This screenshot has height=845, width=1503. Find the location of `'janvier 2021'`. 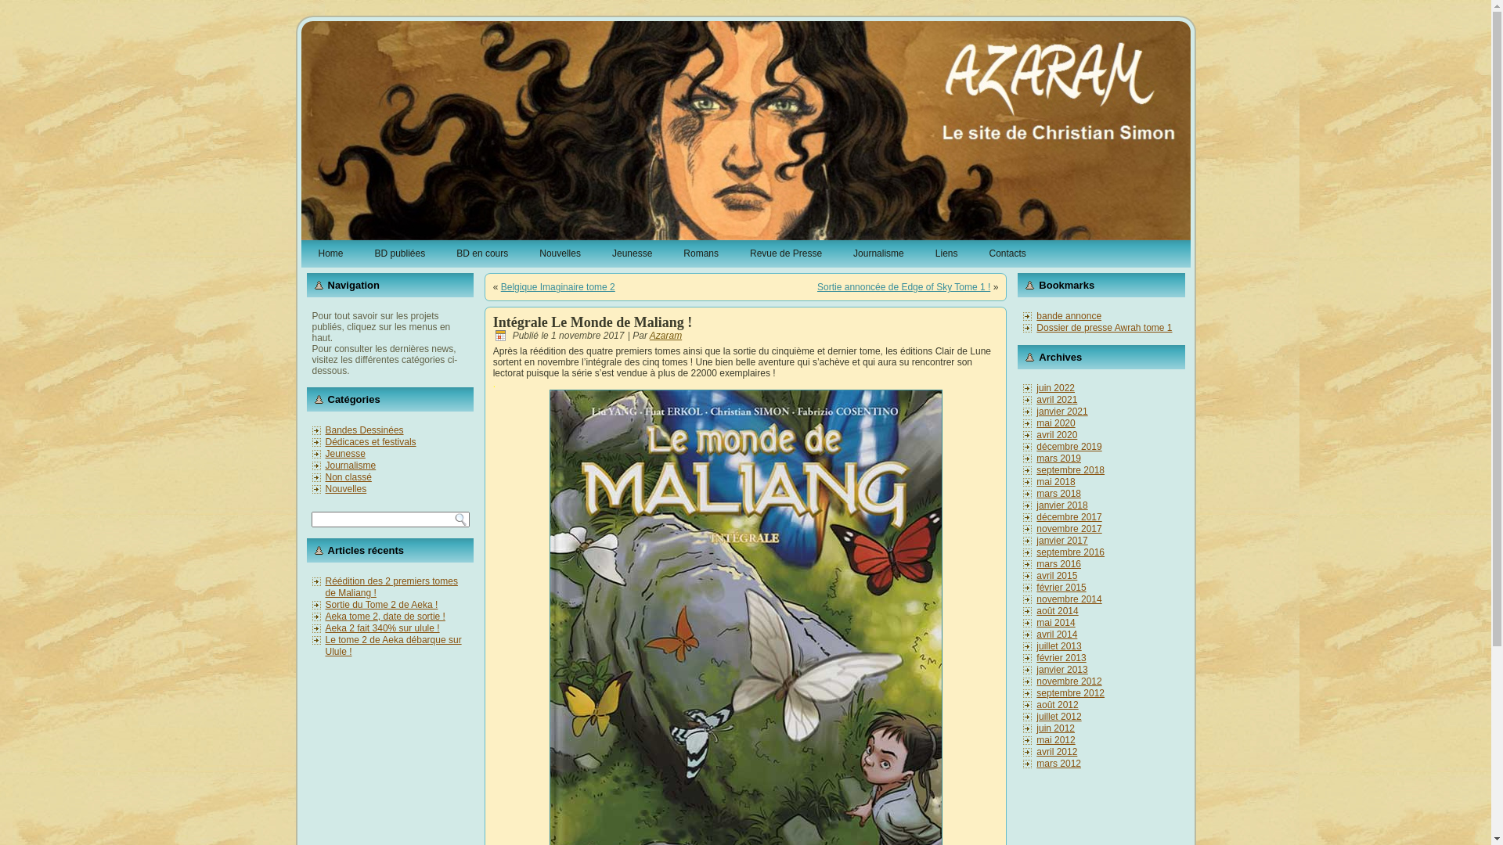

'janvier 2021' is located at coordinates (1036, 410).